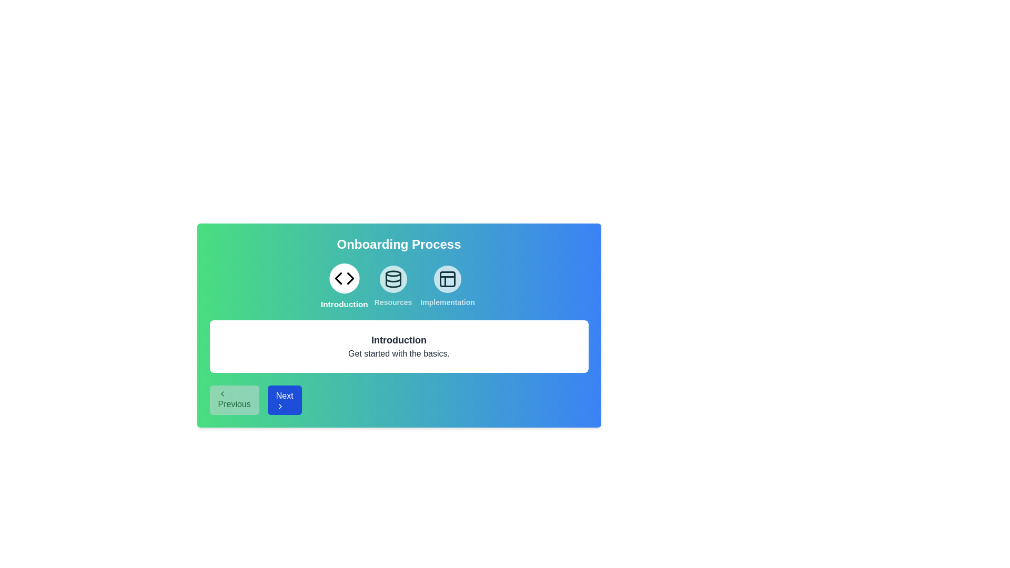 Image resolution: width=1010 pixels, height=568 pixels. What do you see at coordinates (392, 286) in the screenshot?
I see `the step icon corresponding to Resources to highlight it` at bounding box center [392, 286].